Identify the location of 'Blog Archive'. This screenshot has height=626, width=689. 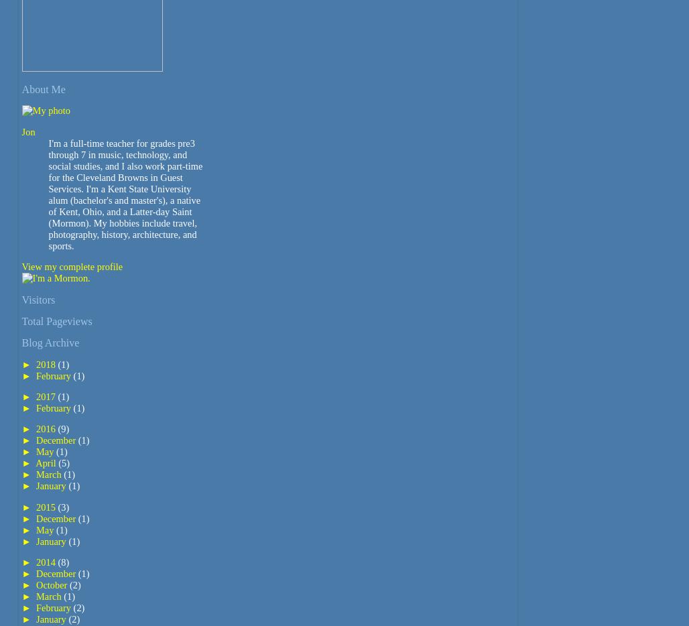
(50, 342).